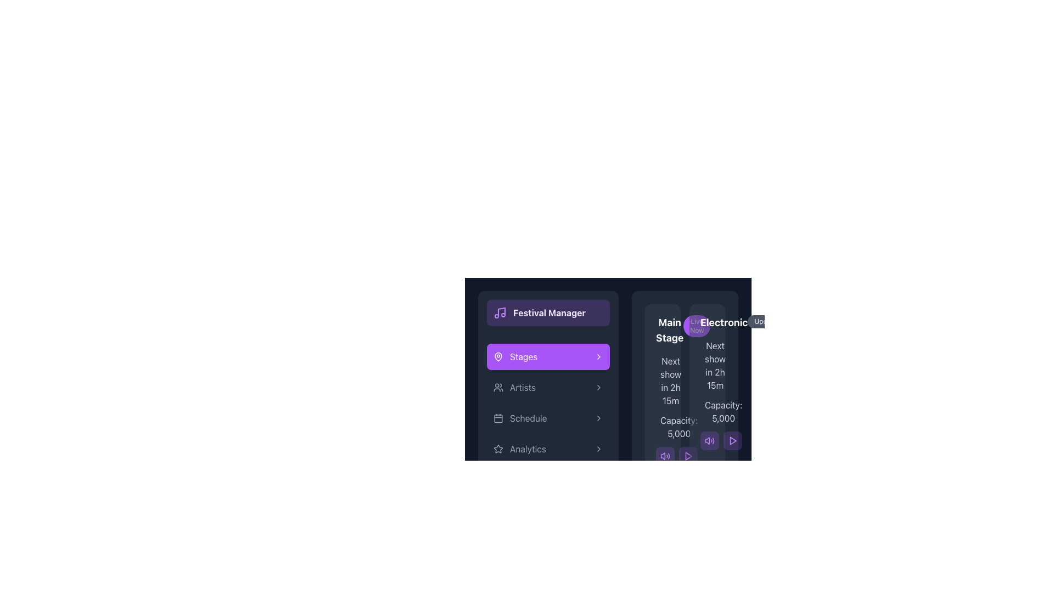 The width and height of the screenshot is (1054, 593). I want to click on the Text Label displaying the capacity of '5,000' located in the right panel under 'Electronic Stage', below 'Next show in 2h 15m', so click(707, 411).